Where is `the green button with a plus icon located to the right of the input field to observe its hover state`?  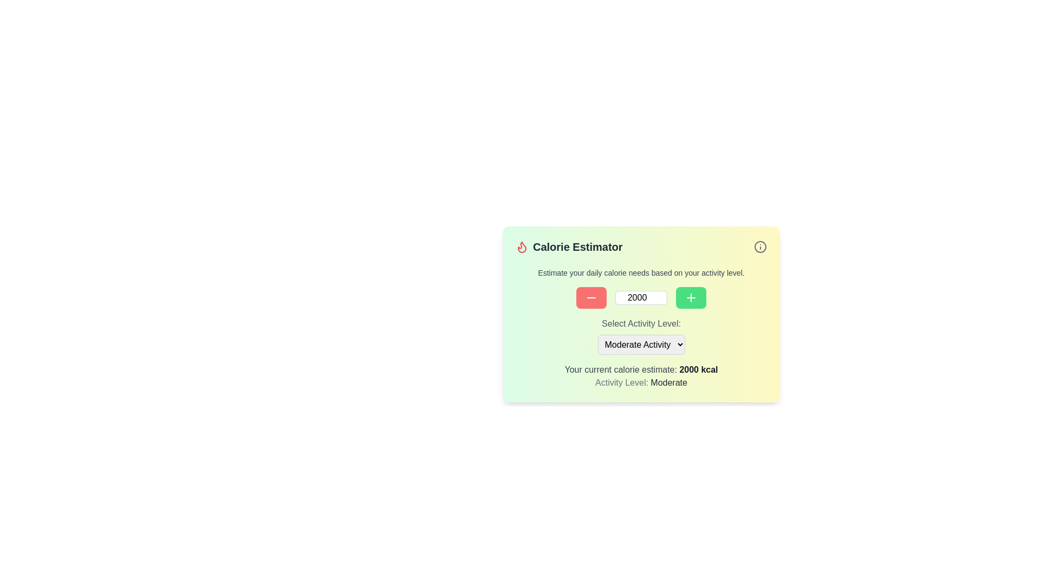 the green button with a plus icon located to the right of the input field to observe its hover state is located at coordinates (691, 298).